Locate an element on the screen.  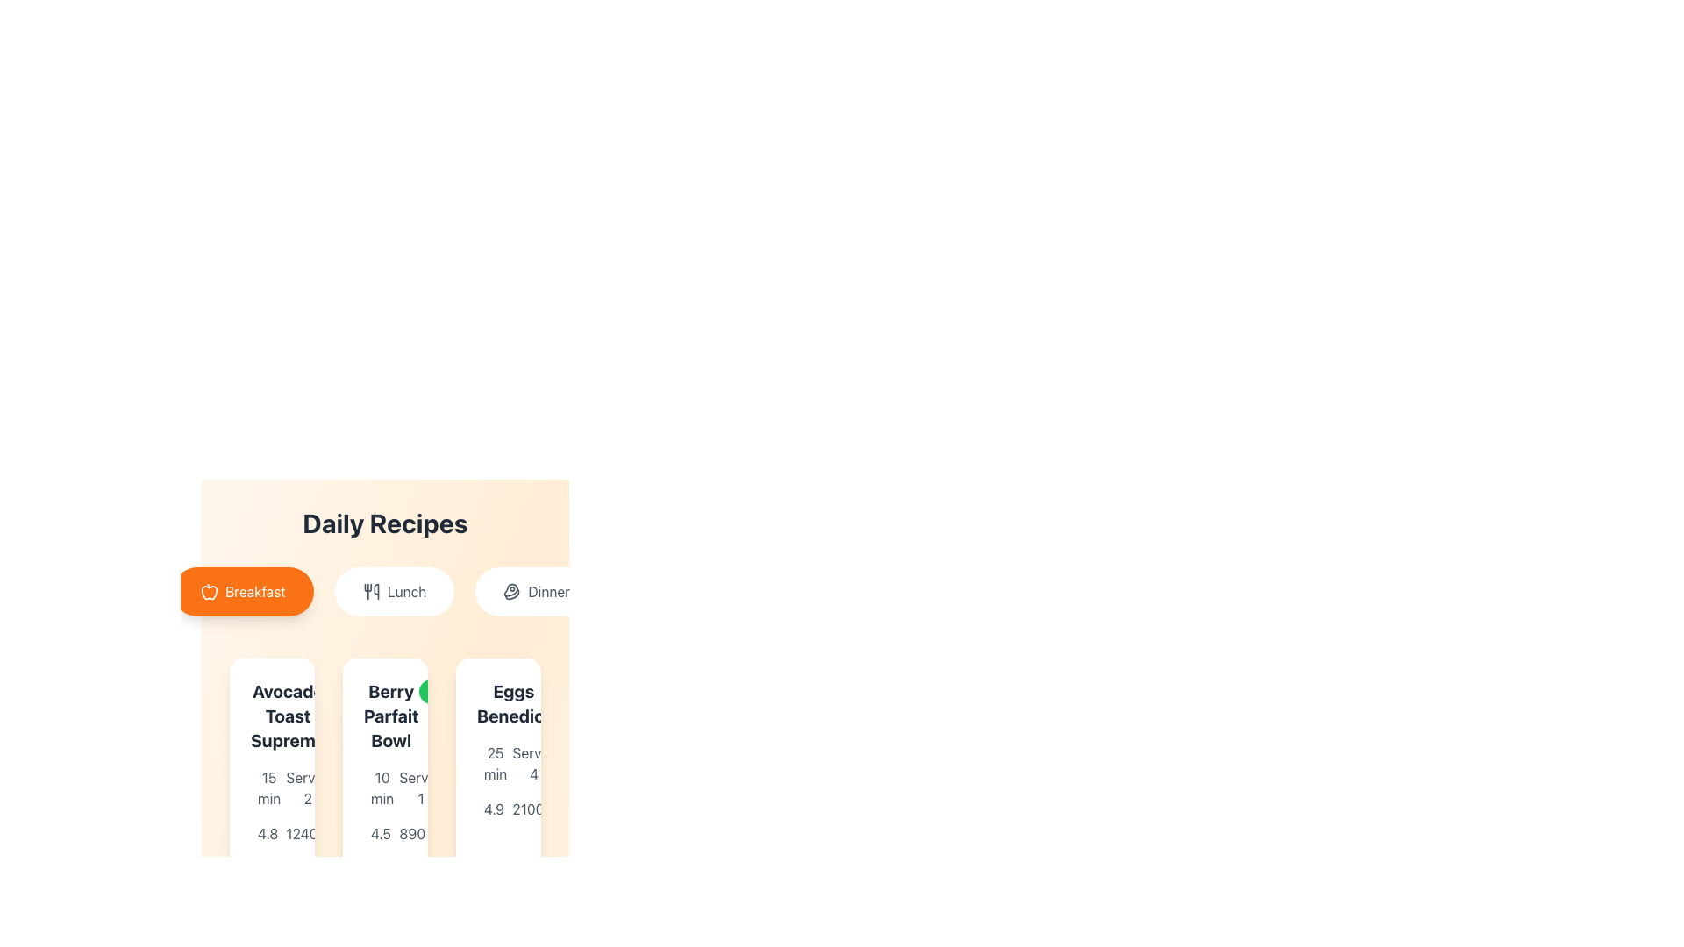
the 'Lunch' category icon, which is located slightly to the left of the center of the 'Lunch' button in a horizontal layout of meal options is located at coordinates (370, 592).